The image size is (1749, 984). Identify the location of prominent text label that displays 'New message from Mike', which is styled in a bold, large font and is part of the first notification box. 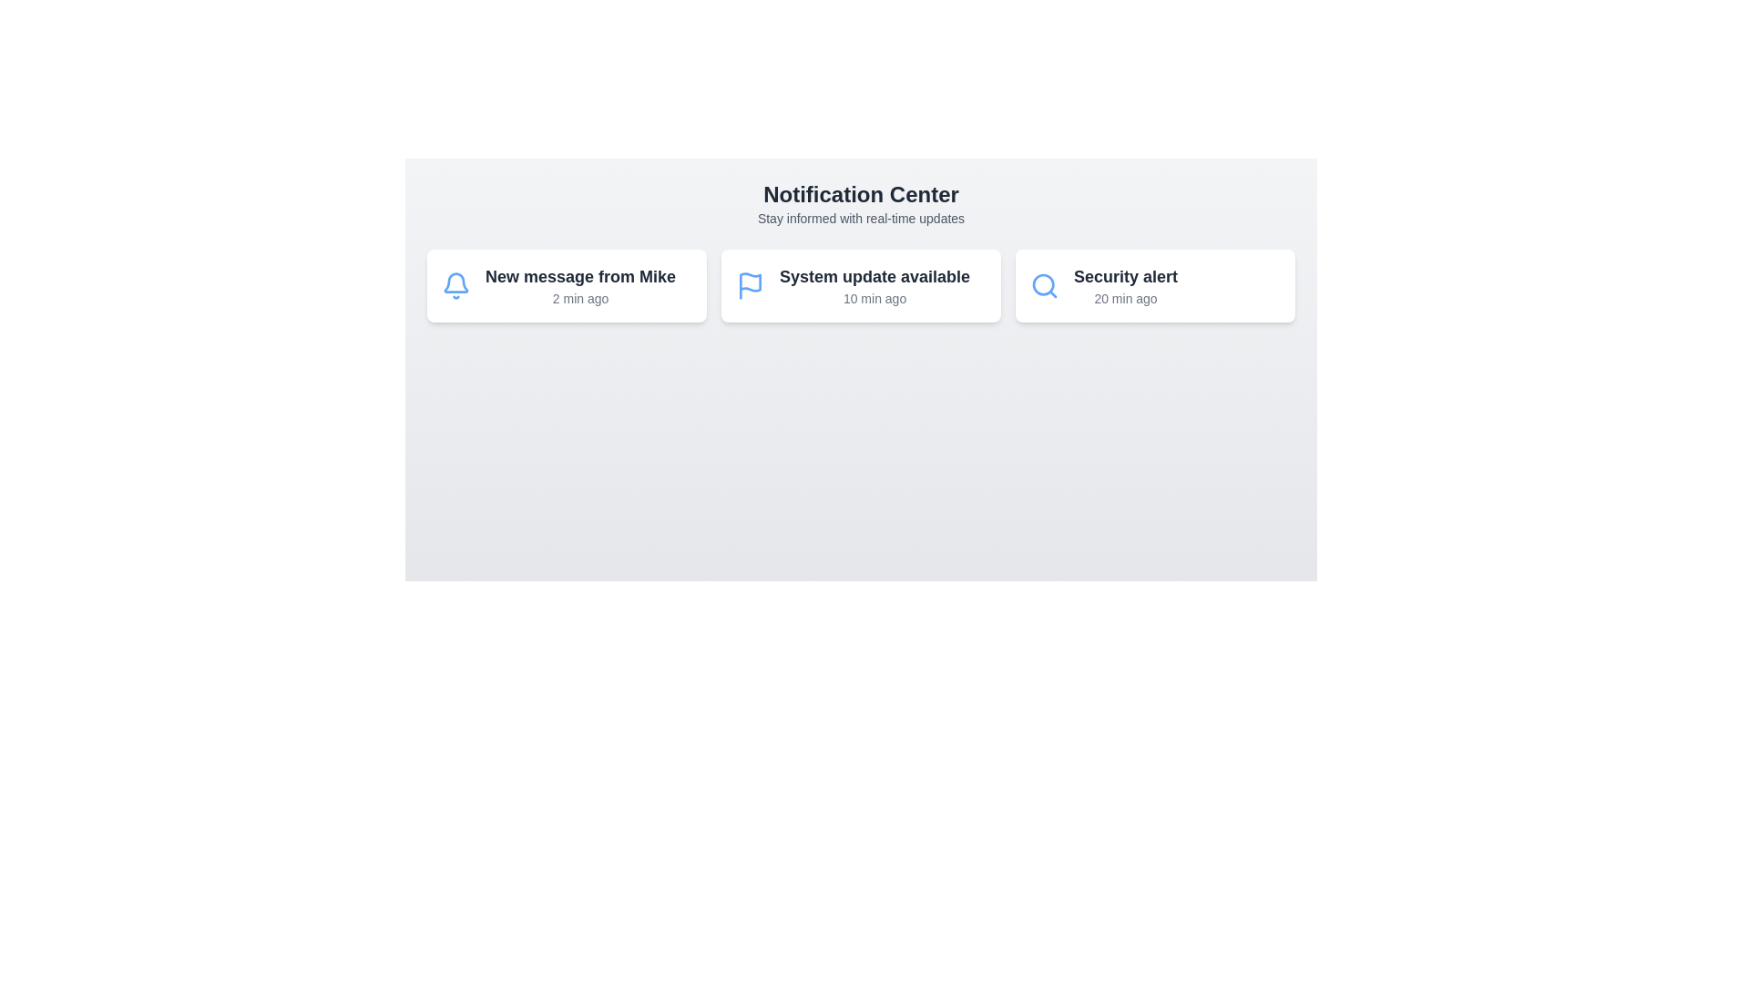
(579, 277).